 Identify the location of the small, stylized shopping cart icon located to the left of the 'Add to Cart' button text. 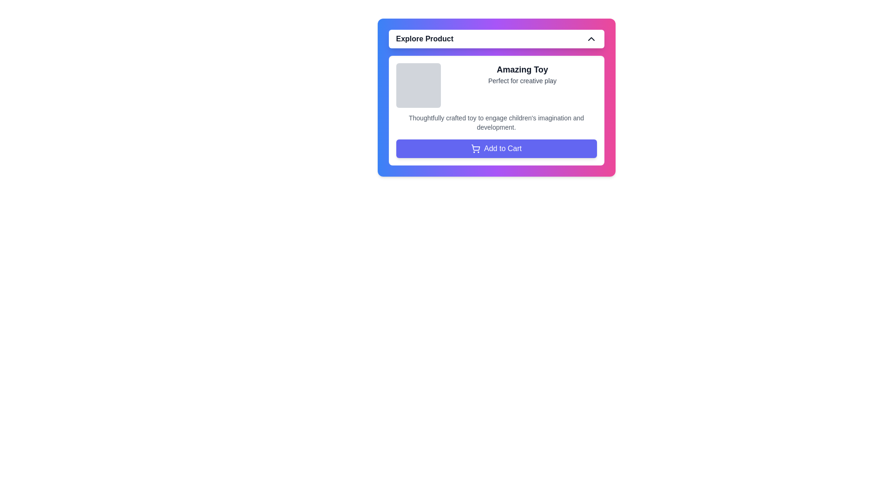
(476, 147).